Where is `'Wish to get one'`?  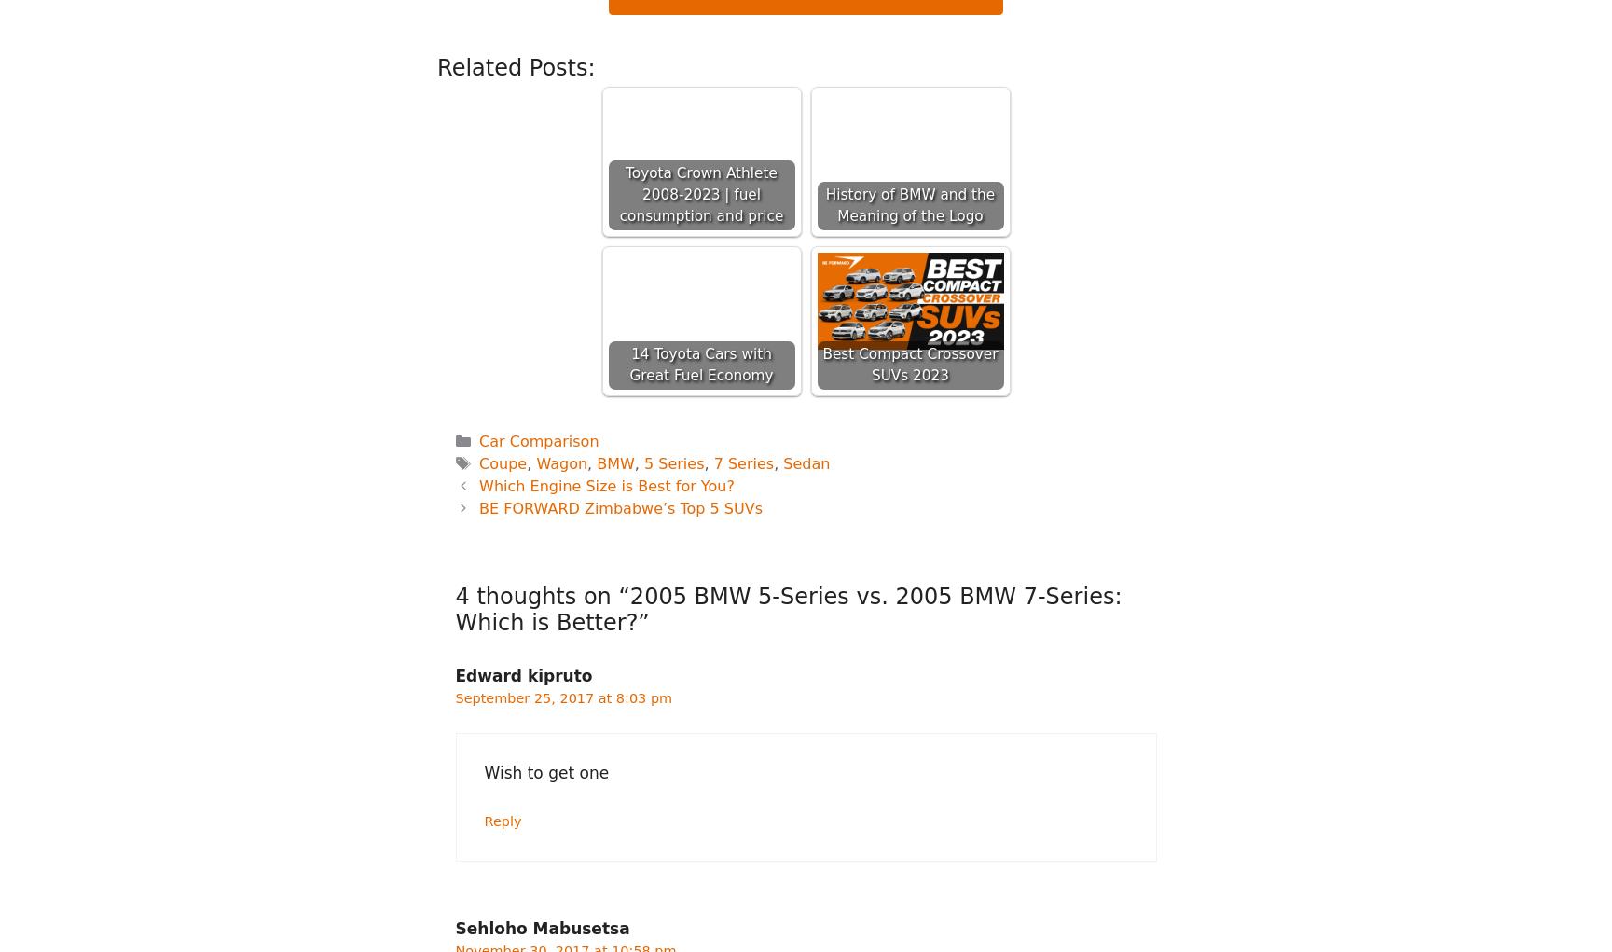
'Wish to get one' is located at coordinates (545, 772).